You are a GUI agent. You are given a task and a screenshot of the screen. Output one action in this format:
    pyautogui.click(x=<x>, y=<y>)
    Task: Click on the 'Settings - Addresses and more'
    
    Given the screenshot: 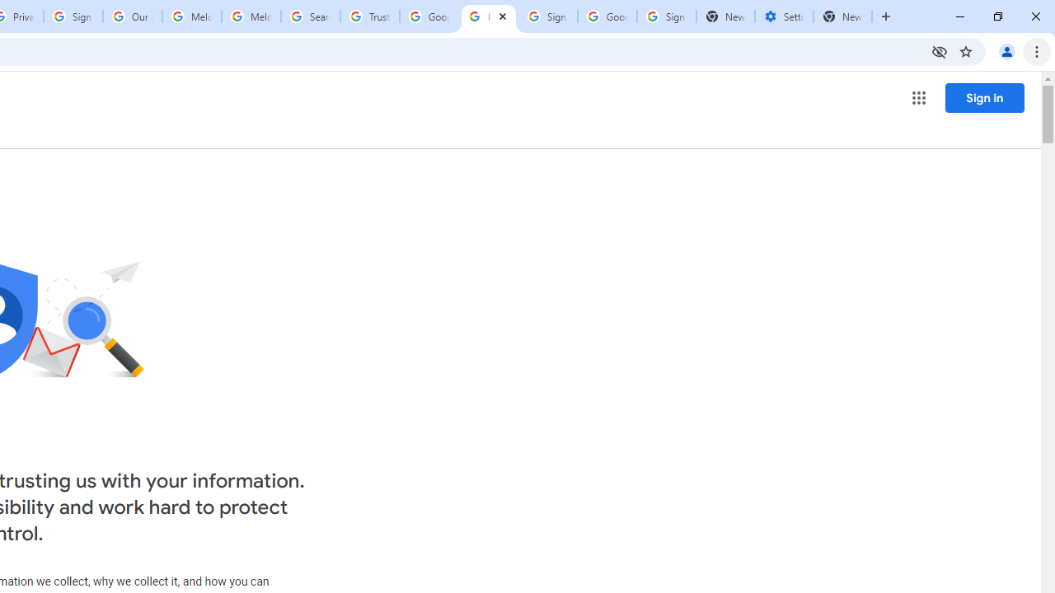 What is the action you would take?
    pyautogui.click(x=783, y=16)
    